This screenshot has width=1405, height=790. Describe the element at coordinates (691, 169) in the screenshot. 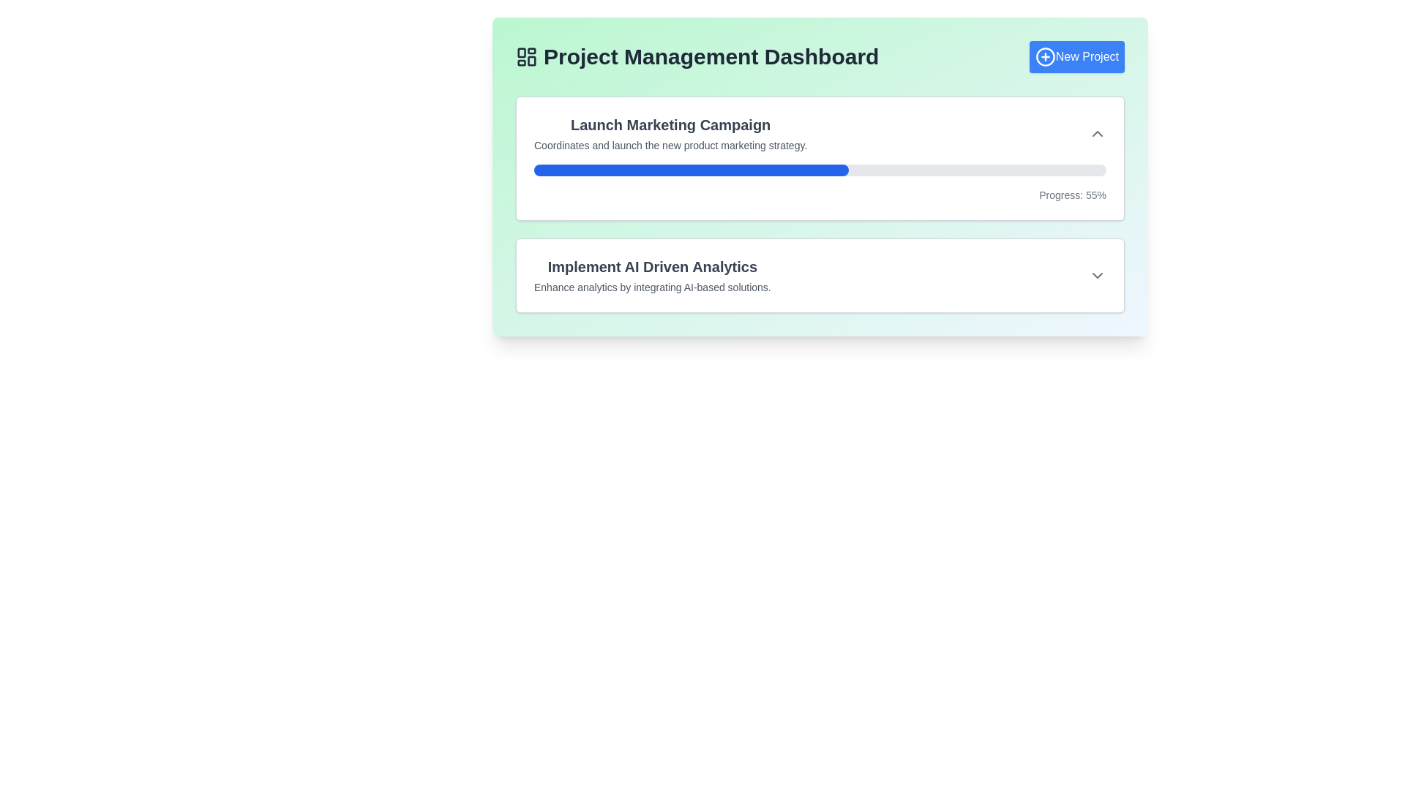

I see `the blue progress bar indicator representing the completion of the 'Launch Marketing Campaign' task, located within the dashboard's top task box` at that location.